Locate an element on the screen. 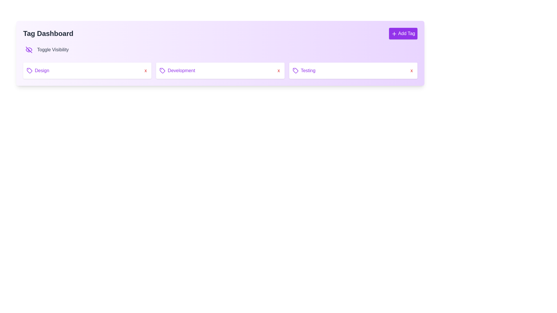 This screenshot has height=313, width=557. the 'Toggle Visibility' text label, which is styled with a gray color and positioned next to an eye icon within the 'Tag Dashboard' section is located at coordinates (53, 50).